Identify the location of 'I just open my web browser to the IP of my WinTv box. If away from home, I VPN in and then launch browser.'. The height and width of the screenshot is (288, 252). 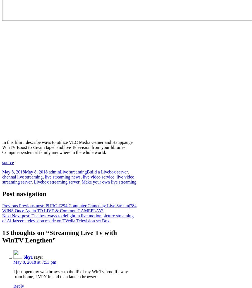
(71, 273).